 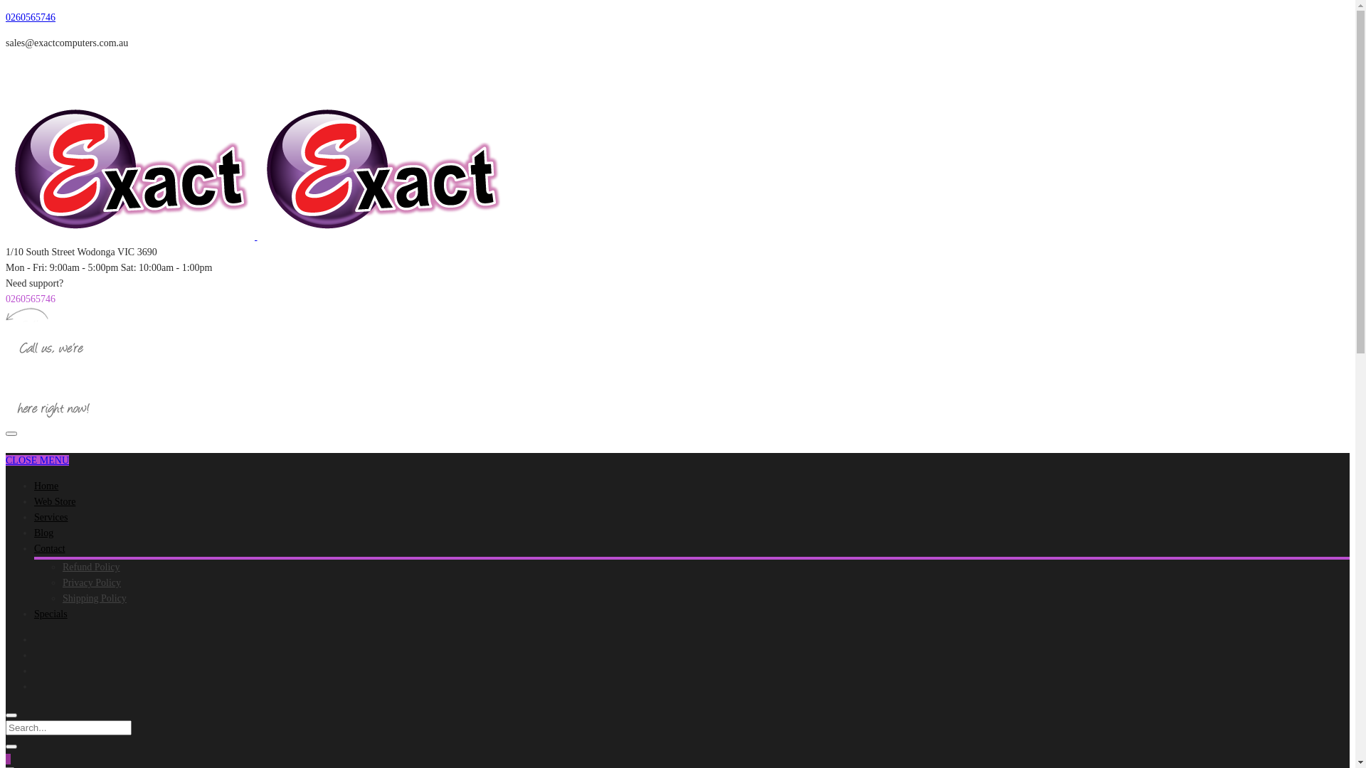 I want to click on '0260565746', so click(x=31, y=17).